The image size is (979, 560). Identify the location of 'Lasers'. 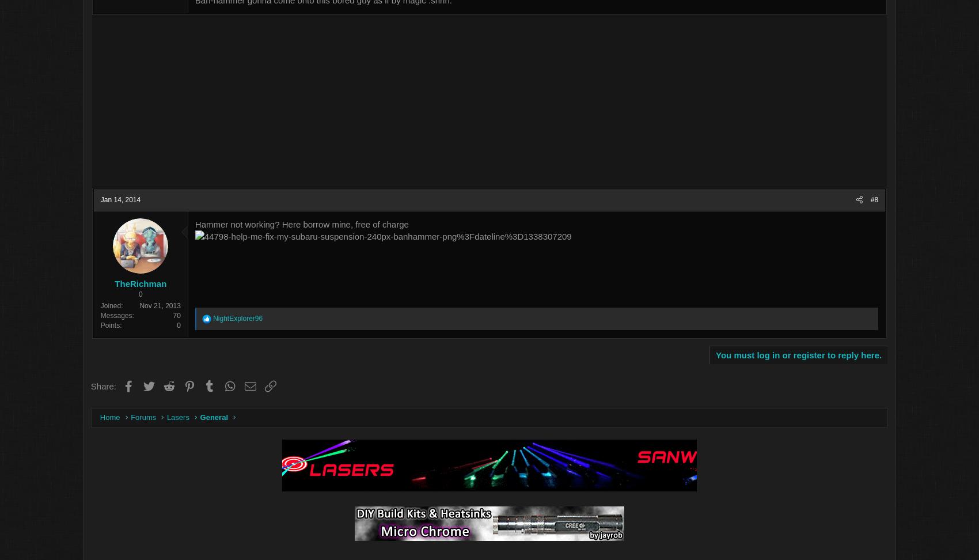
(240, 418).